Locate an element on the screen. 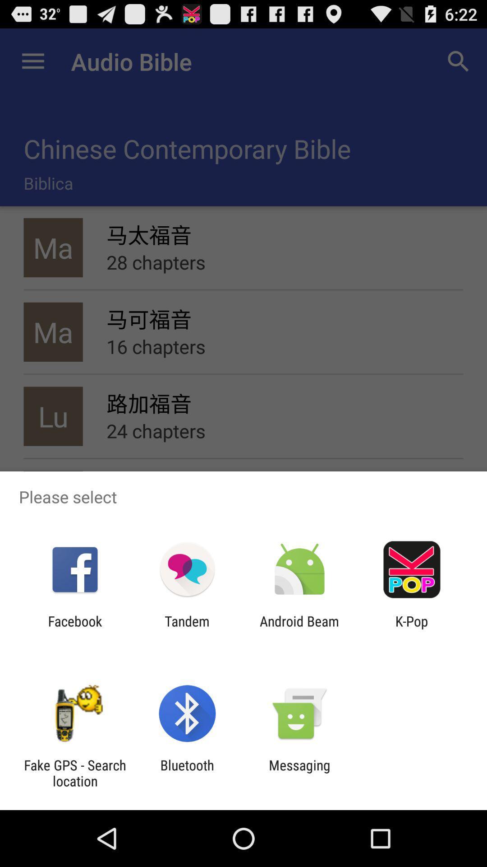  the bluetooth app is located at coordinates (187, 773).